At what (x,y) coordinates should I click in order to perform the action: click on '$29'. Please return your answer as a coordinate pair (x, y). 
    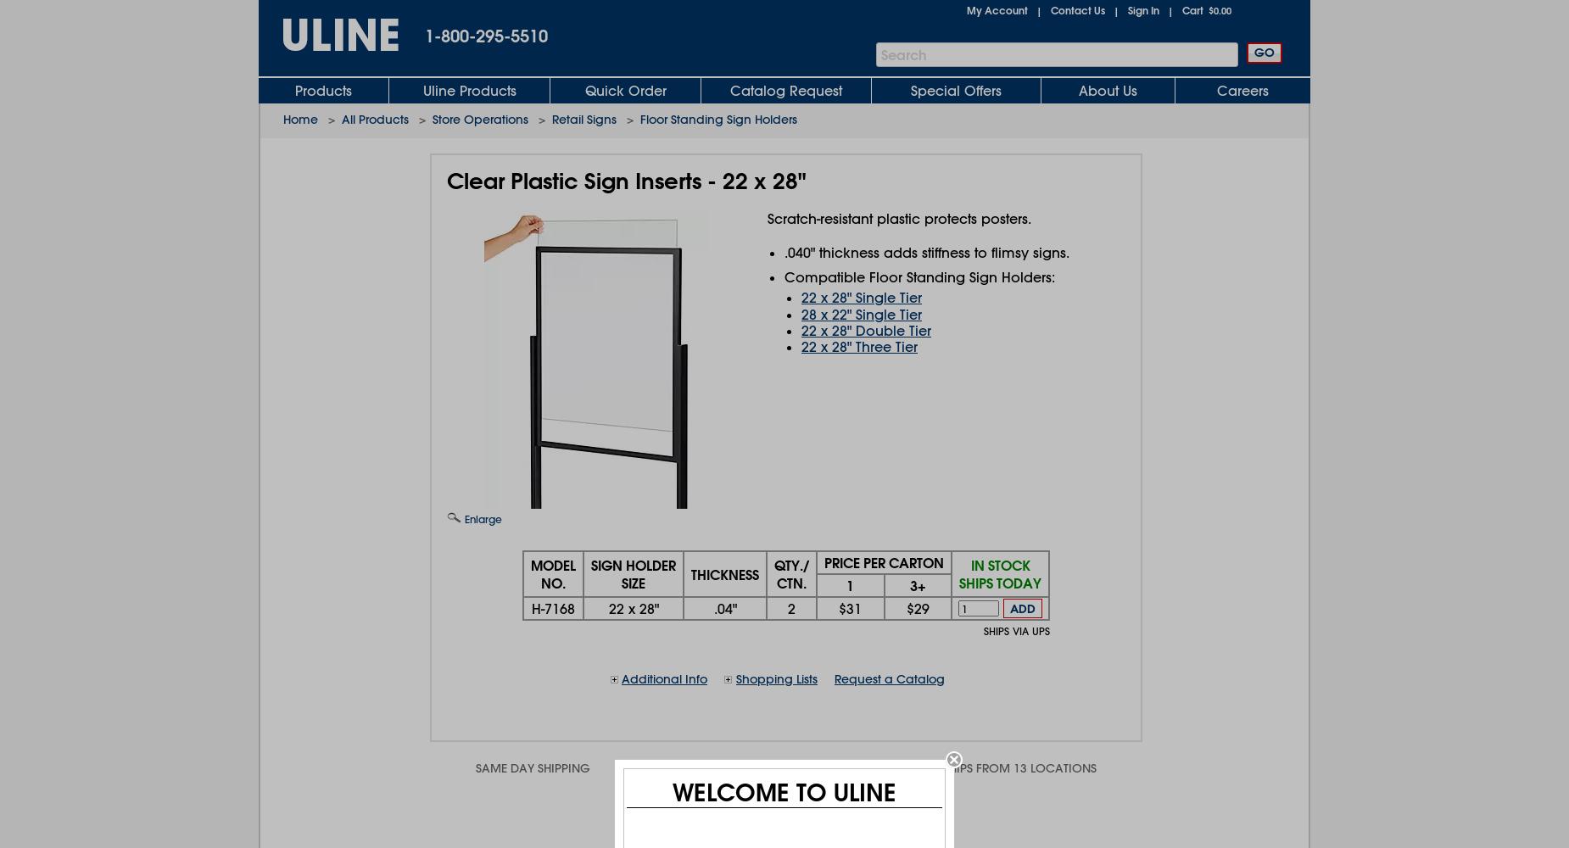
    Looking at the image, I should click on (905, 607).